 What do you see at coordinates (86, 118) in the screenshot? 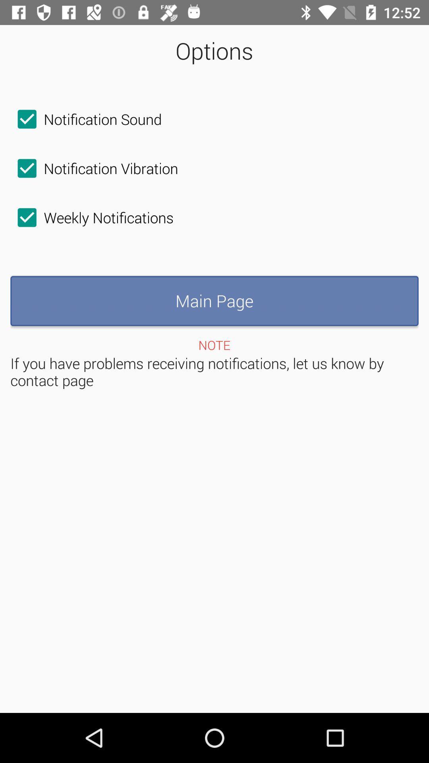
I see `the notification sound item` at bounding box center [86, 118].